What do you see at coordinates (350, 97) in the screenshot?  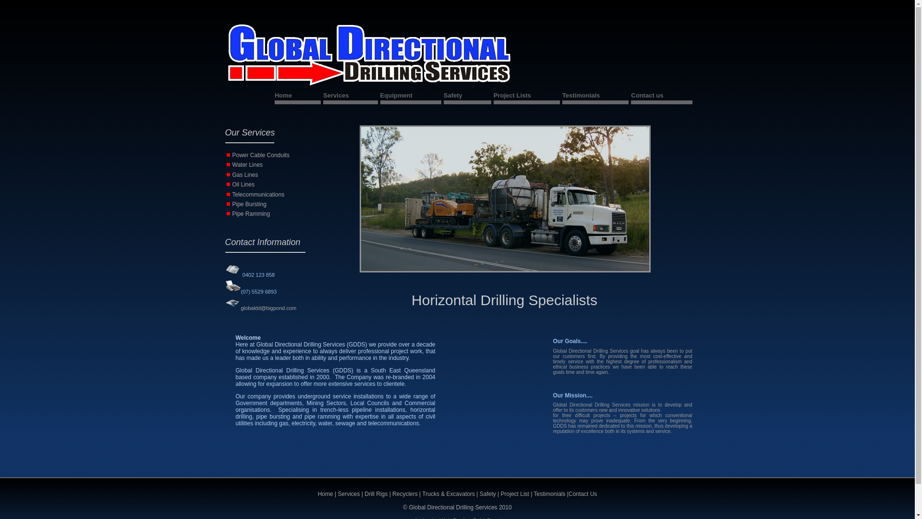 I see `'Services'` at bounding box center [350, 97].